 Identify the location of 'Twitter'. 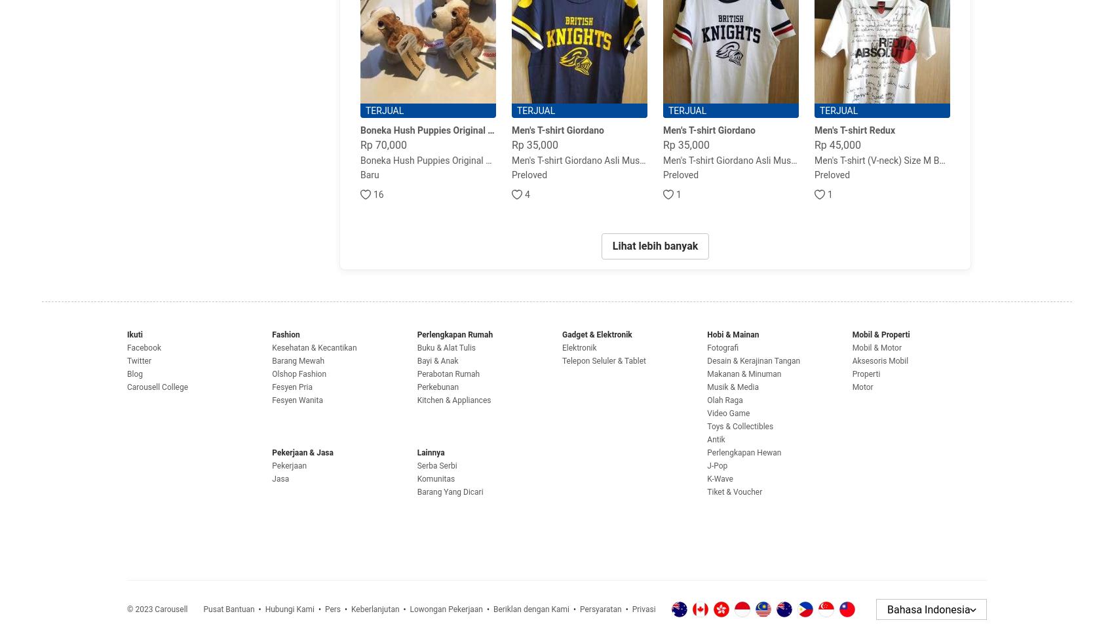
(126, 360).